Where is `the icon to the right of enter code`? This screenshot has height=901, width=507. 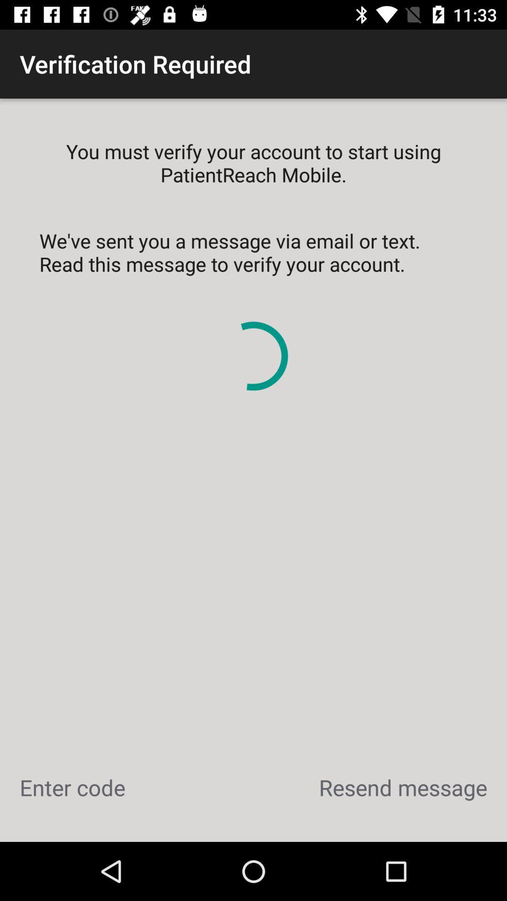
the icon to the right of enter code is located at coordinates (402, 787).